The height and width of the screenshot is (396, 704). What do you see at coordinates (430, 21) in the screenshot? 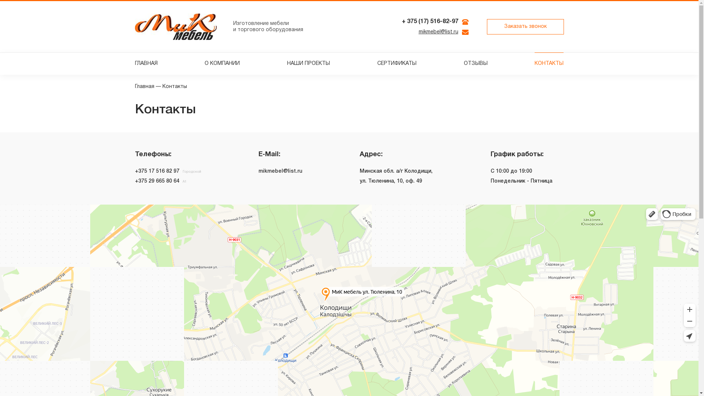
I see `'+ 375 (17) 516-82-97'` at bounding box center [430, 21].